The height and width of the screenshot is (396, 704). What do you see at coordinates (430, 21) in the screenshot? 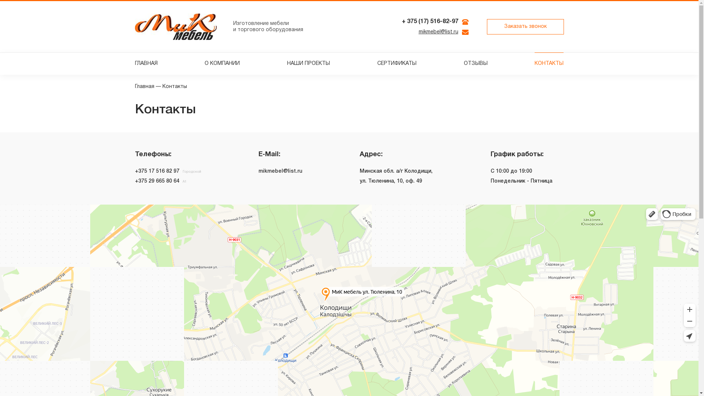
I see `'+ 375 (17) 516-82-97'` at bounding box center [430, 21].